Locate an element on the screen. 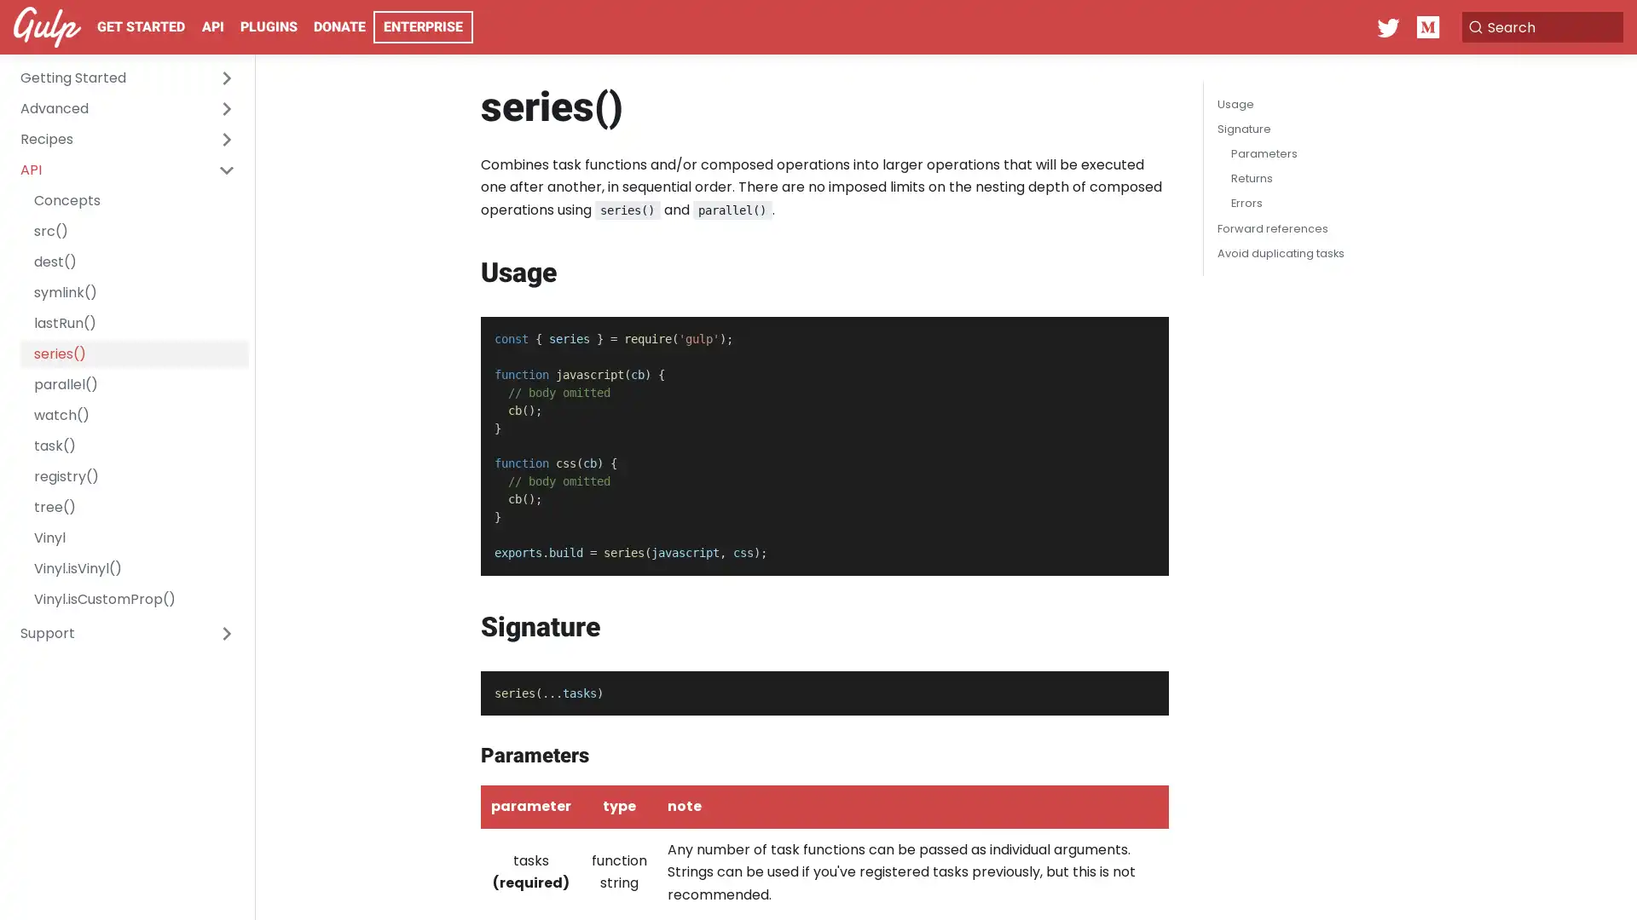 The width and height of the screenshot is (1637, 920). Copy code to clipboard is located at coordinates (1141, 335).